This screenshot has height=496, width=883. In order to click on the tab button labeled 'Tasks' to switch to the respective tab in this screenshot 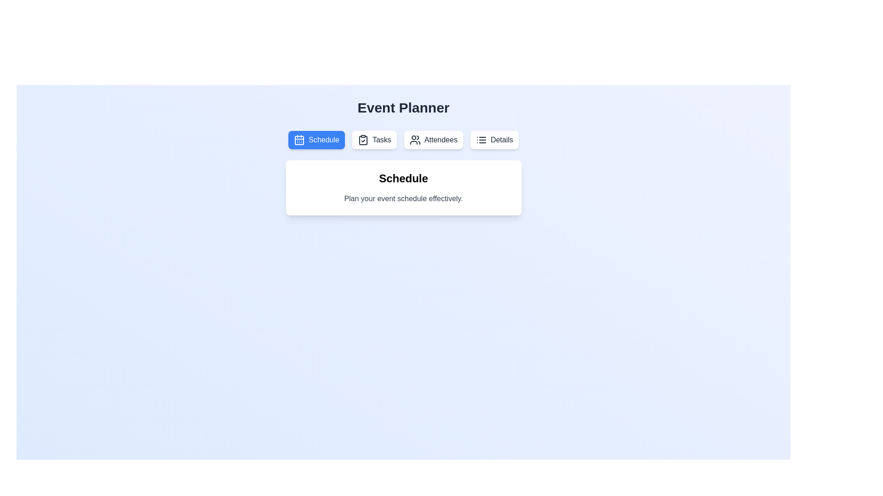, I will do `click(374, 140)`.